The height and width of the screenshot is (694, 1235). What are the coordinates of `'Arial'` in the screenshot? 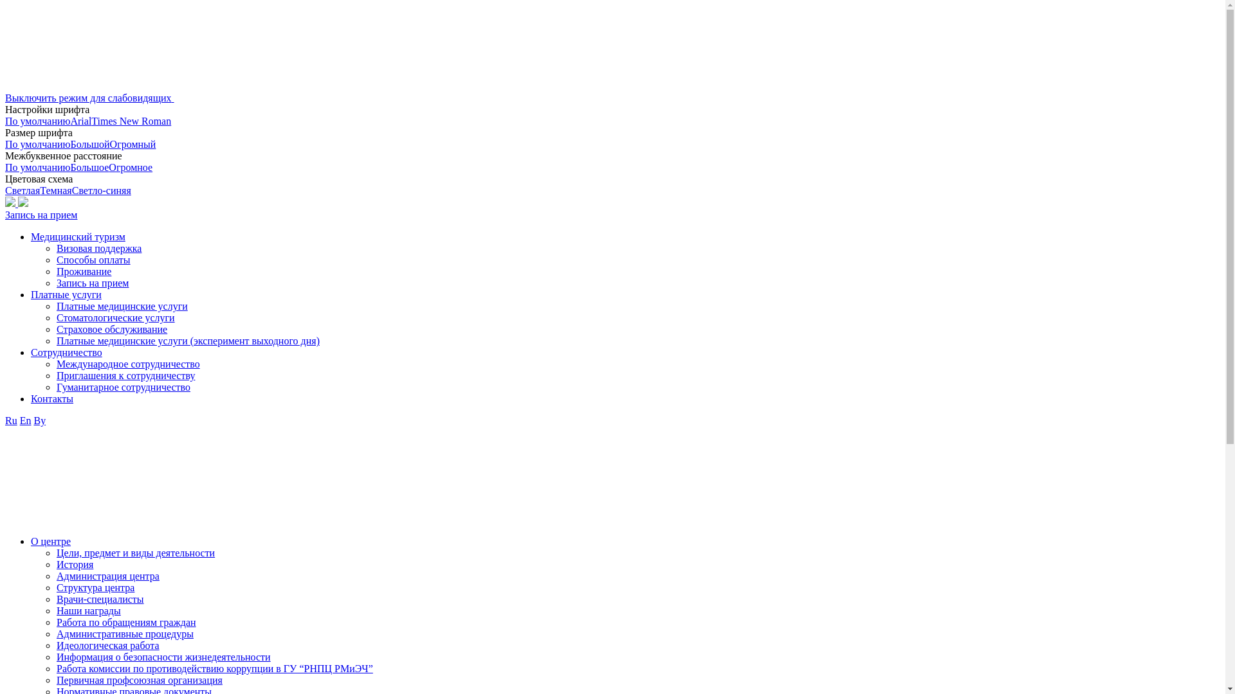 It's located at (69, 121).